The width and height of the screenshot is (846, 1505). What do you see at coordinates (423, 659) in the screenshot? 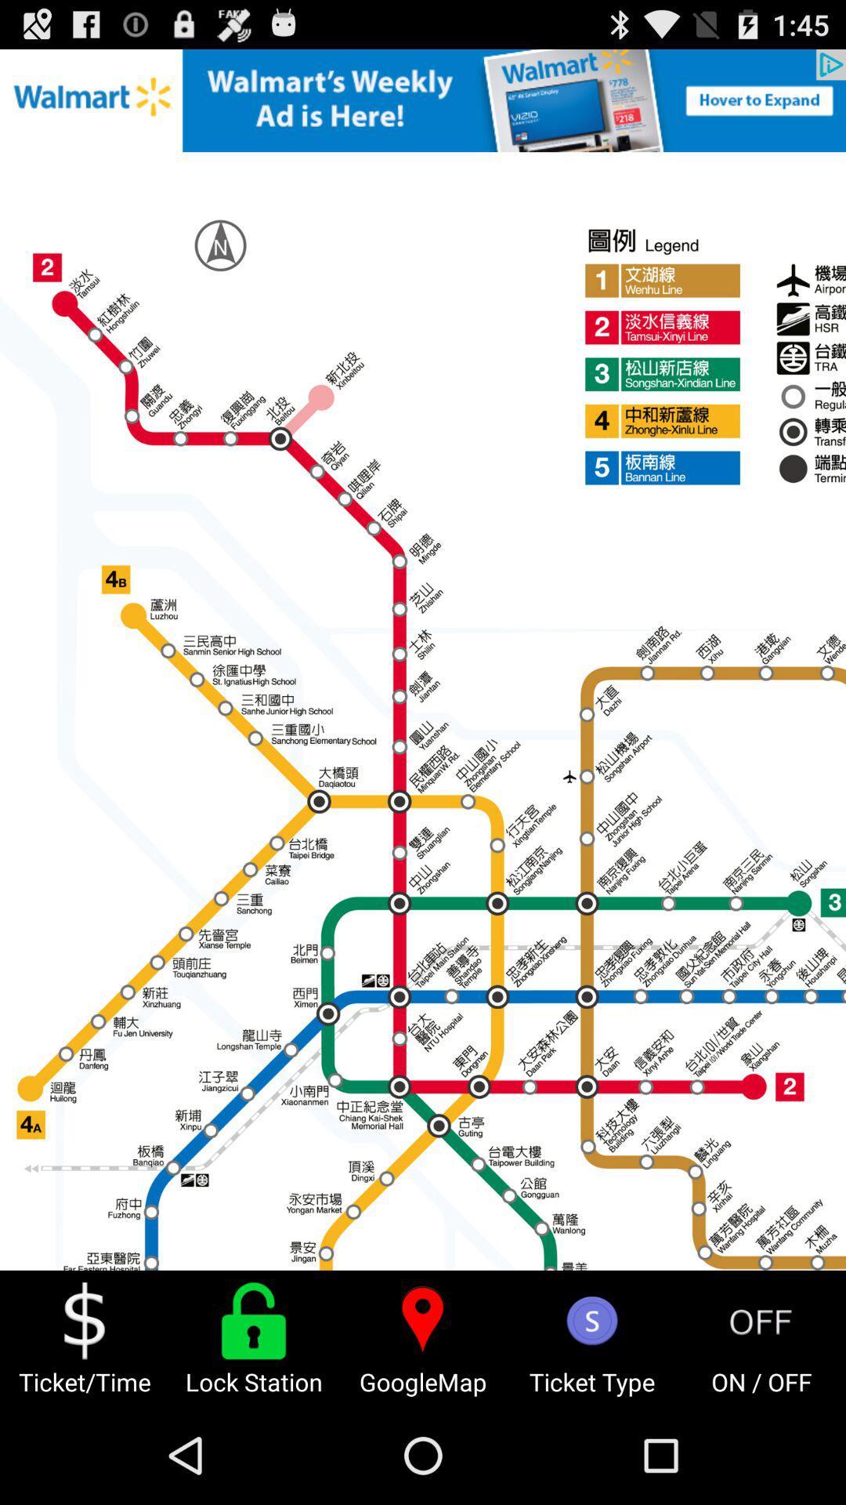
I see `map` at bounding box center [423, 659].